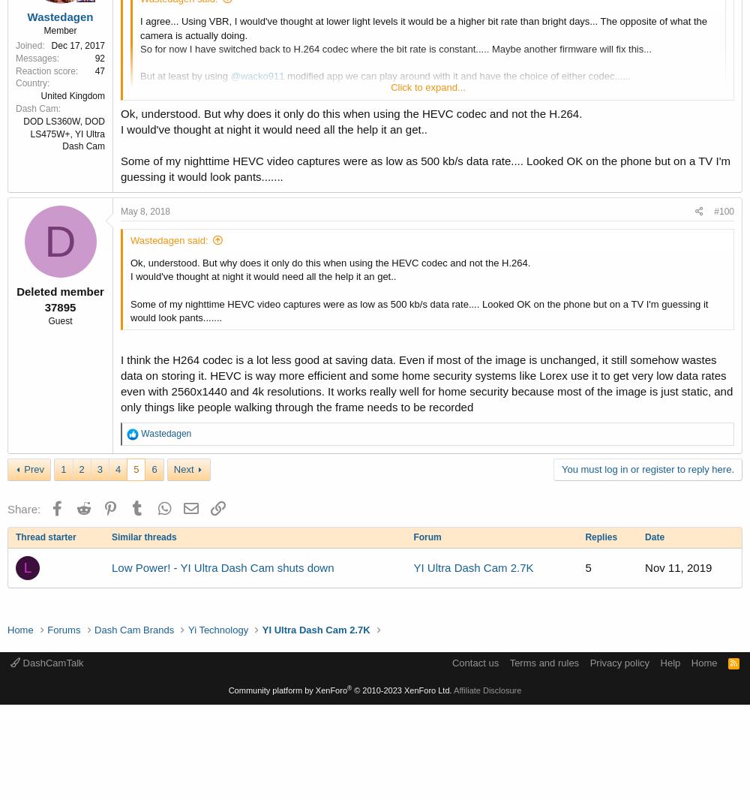 This screenshot has width=750, height=800. Describe the element at coordinates (24, 507) in the screenshot. I see `'Share:'` at that location.